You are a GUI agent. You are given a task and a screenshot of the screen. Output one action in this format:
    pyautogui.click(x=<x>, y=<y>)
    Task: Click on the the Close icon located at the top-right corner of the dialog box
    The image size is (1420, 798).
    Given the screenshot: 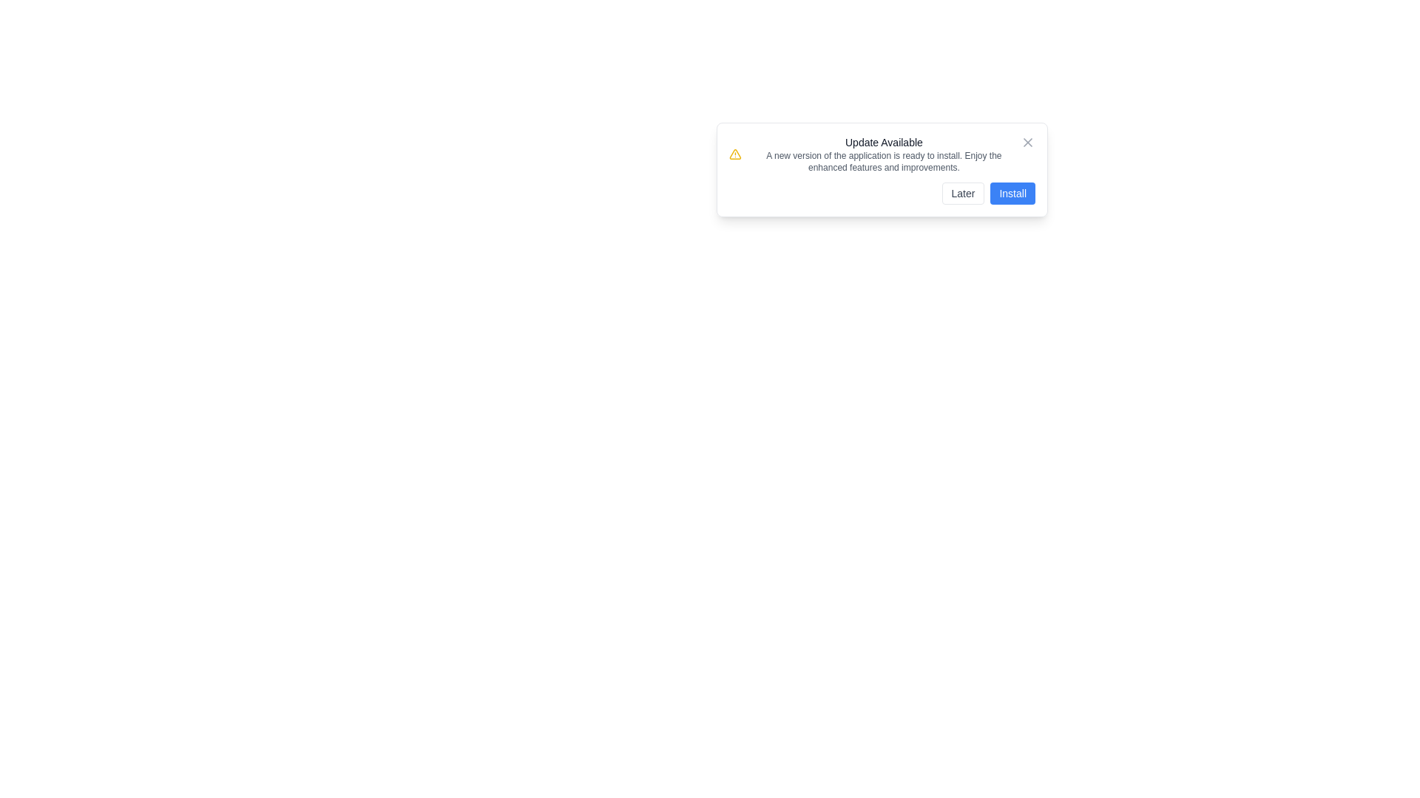 What is the action you would take?
    pyautogui.click(x=1027, y=142)
    